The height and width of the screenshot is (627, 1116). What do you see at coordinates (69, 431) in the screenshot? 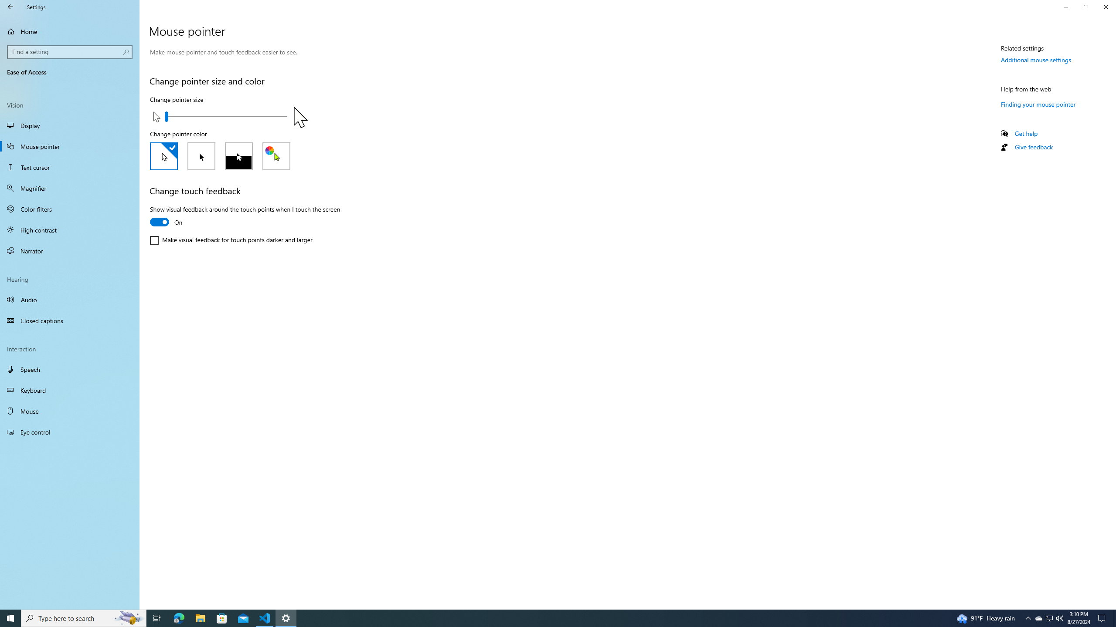
I see `'Eye control'` at bounding box center [69, 431].